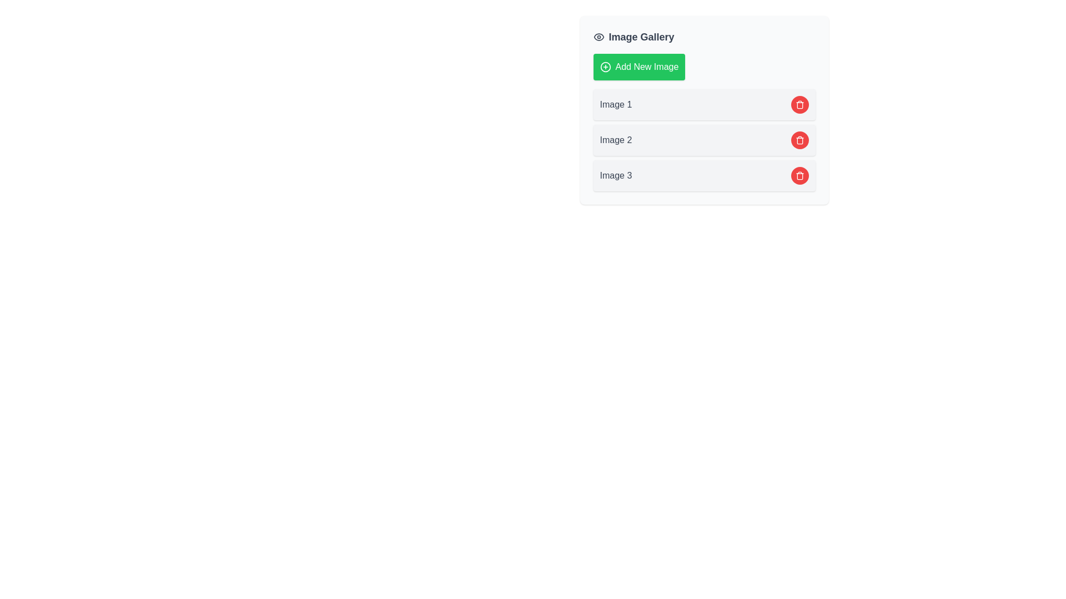  What do you see at coordinates (799, 140) in the screenshot?
I see `the second red circular button that corresponds to 'Image 2' to observe the hover effect` at bounding box center [799, 140].